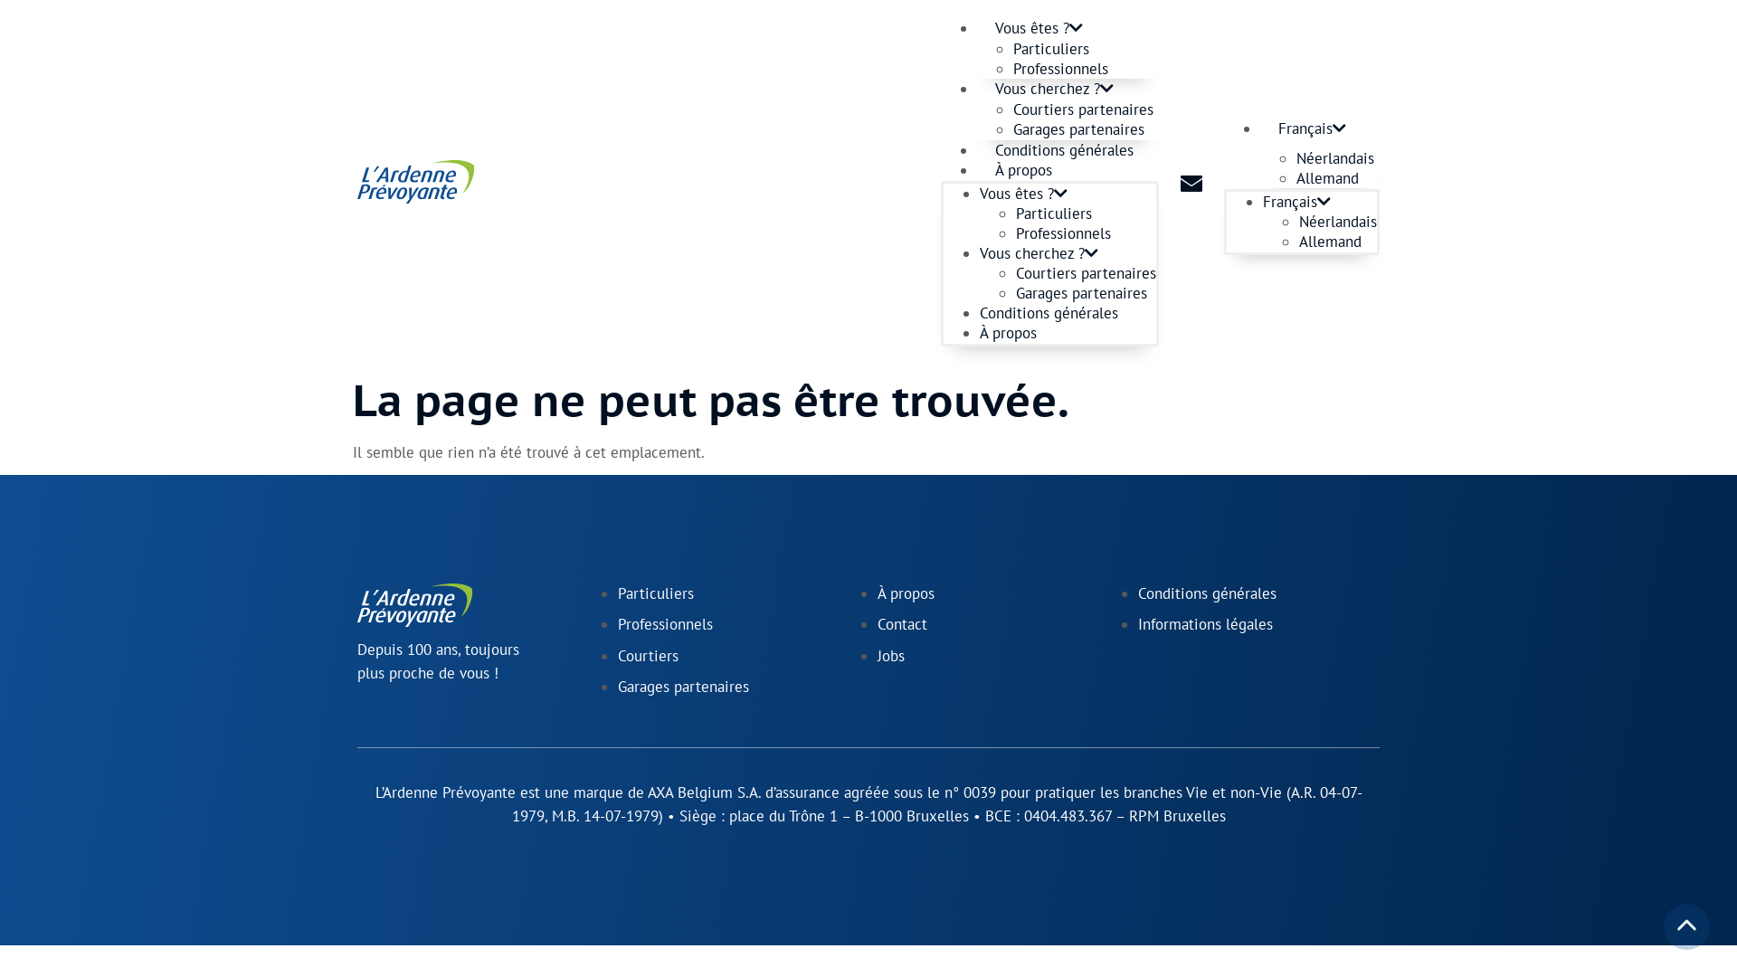  Describe the element at coordinates (616, 623) in the screenshot. I see `'Professionnels'` at that location.